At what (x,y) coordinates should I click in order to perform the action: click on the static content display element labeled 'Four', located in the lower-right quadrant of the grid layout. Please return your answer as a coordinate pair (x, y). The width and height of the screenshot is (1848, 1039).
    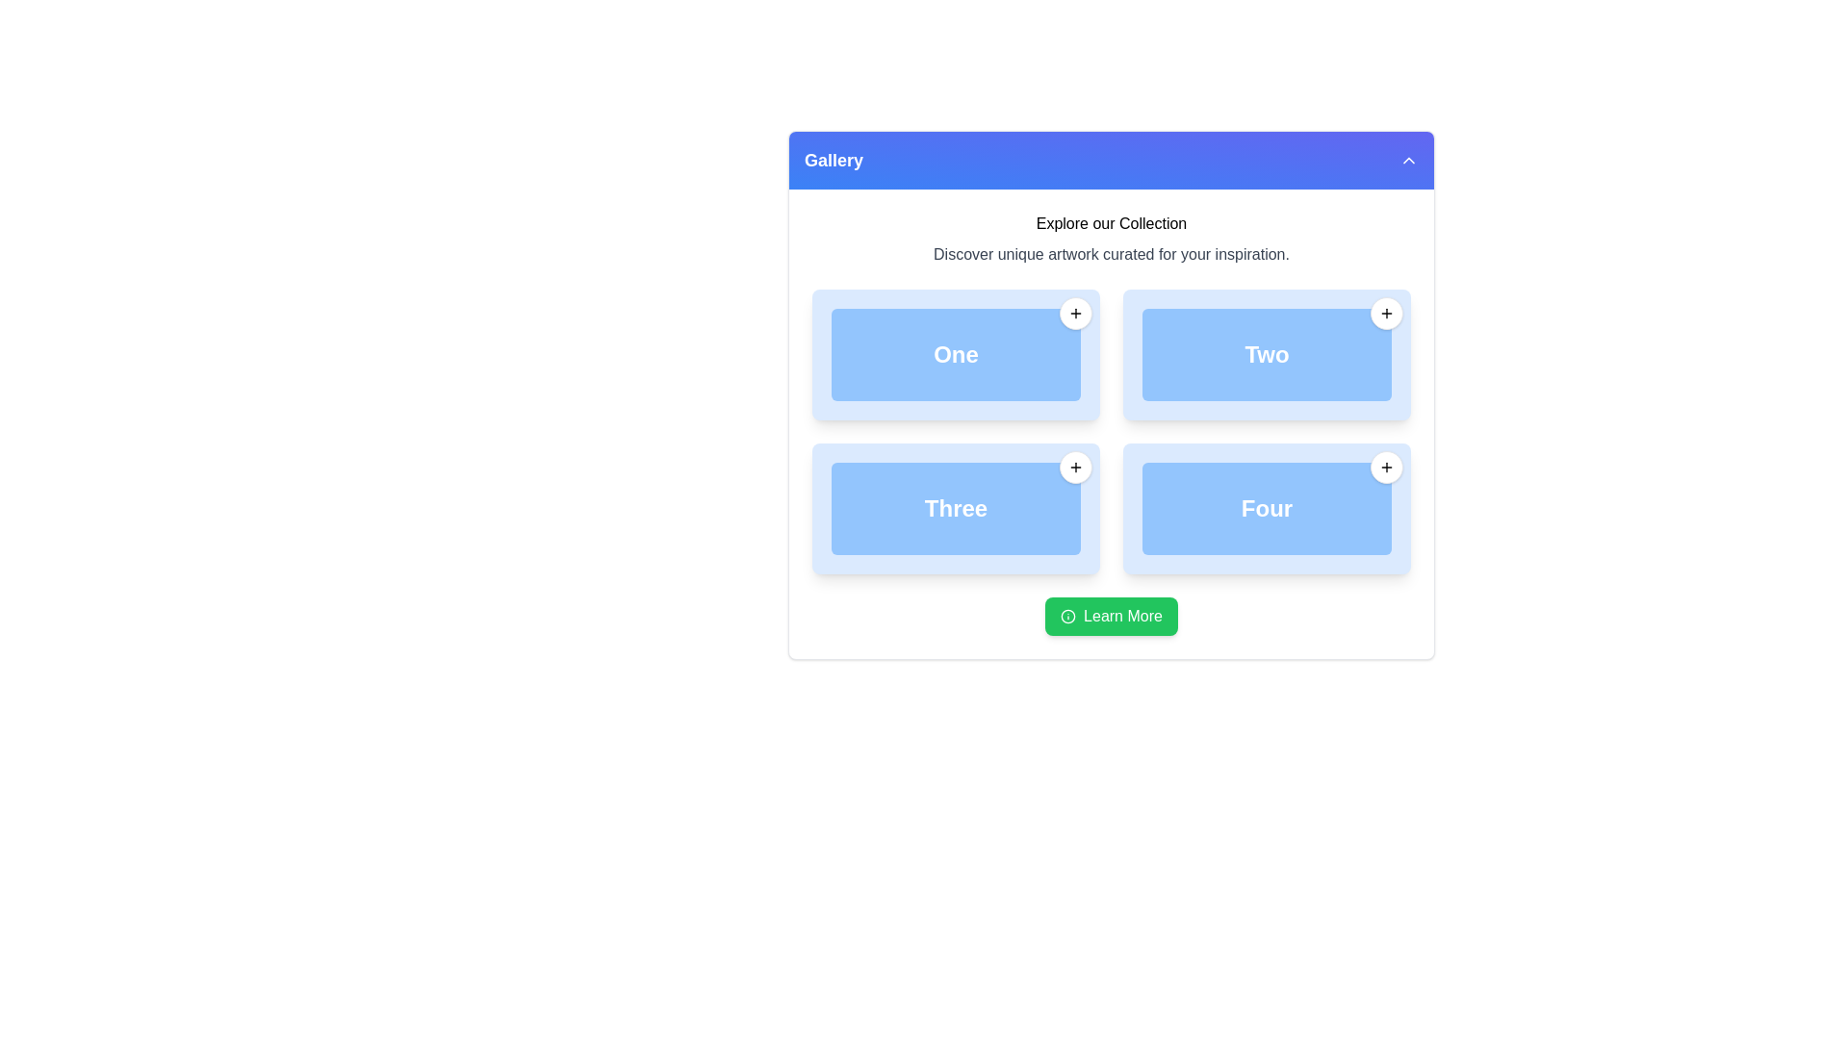
    Looking at the image, I should click on (1267, 507).